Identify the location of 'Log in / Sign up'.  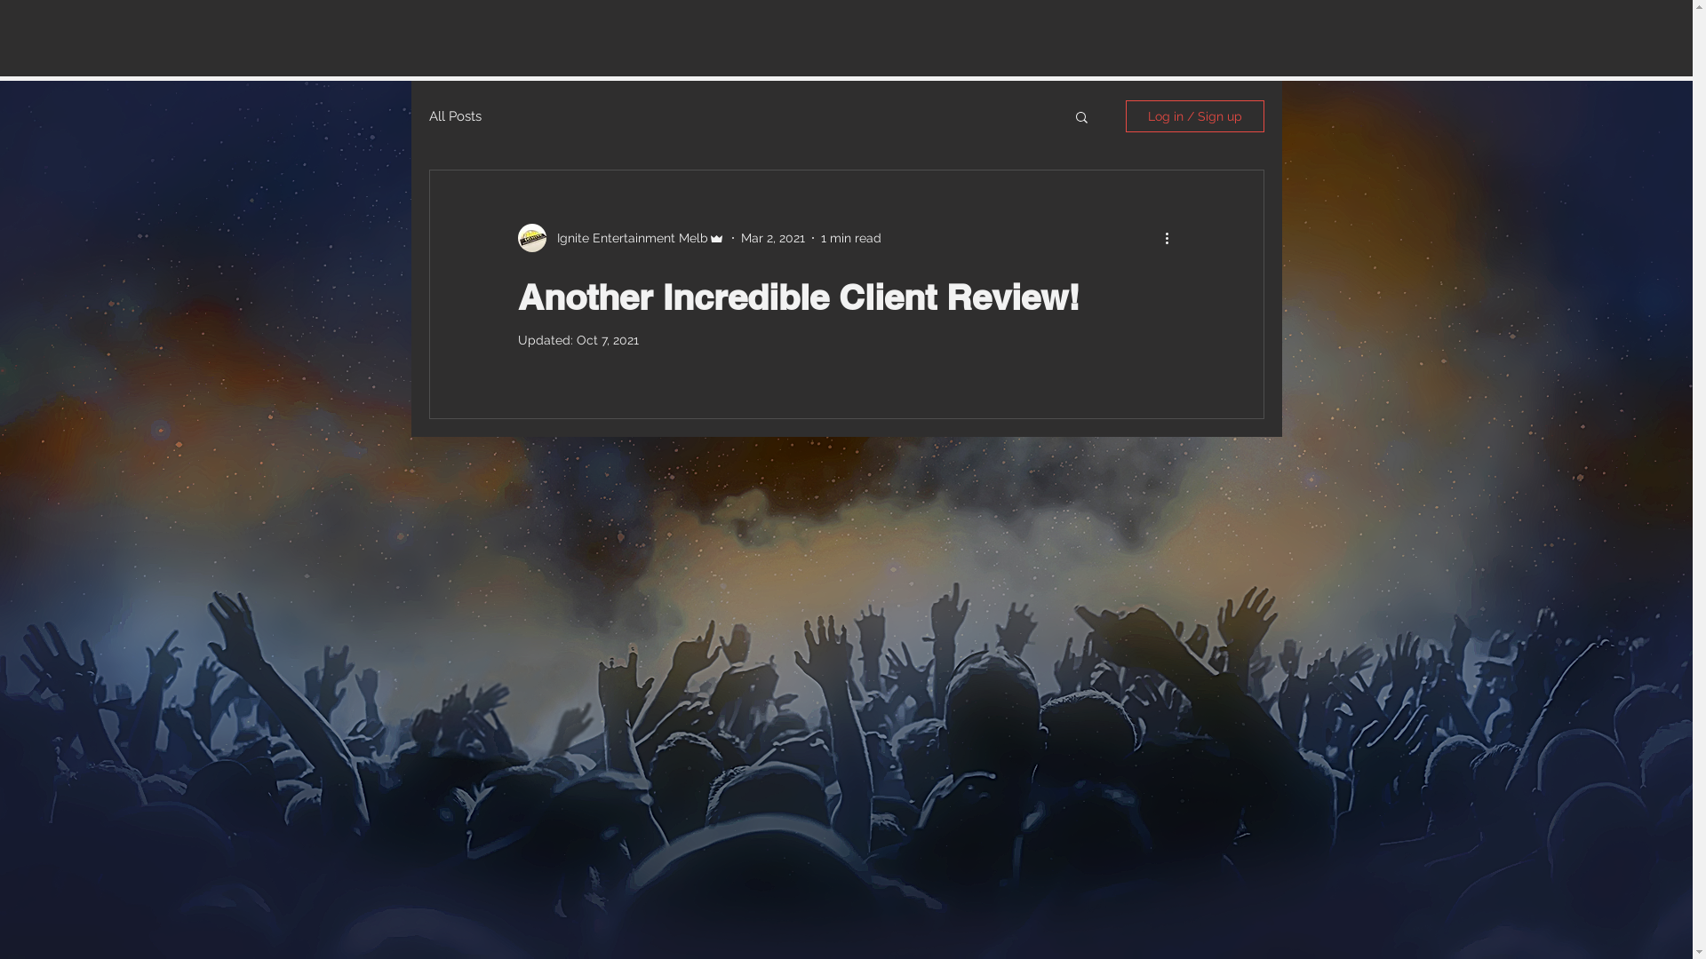
(1194, 116).